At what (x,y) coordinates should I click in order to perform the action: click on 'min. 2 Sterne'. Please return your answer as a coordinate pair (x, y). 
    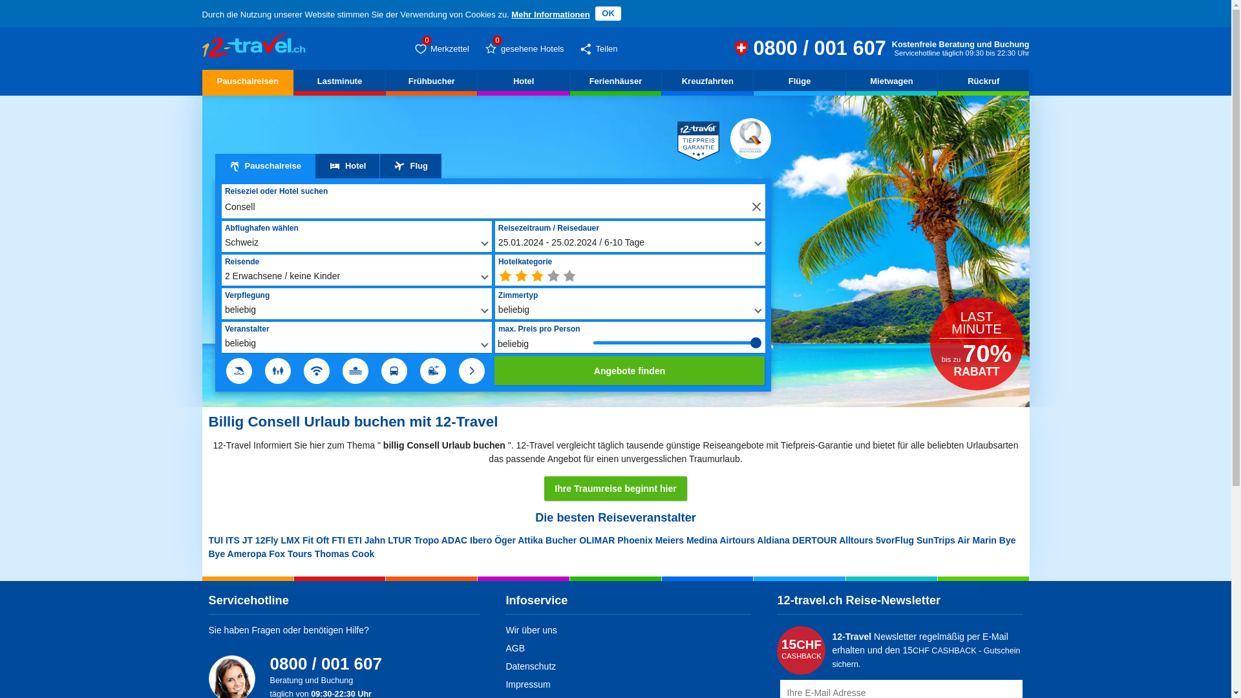
    Looking at the image, I should click on (524, 277).